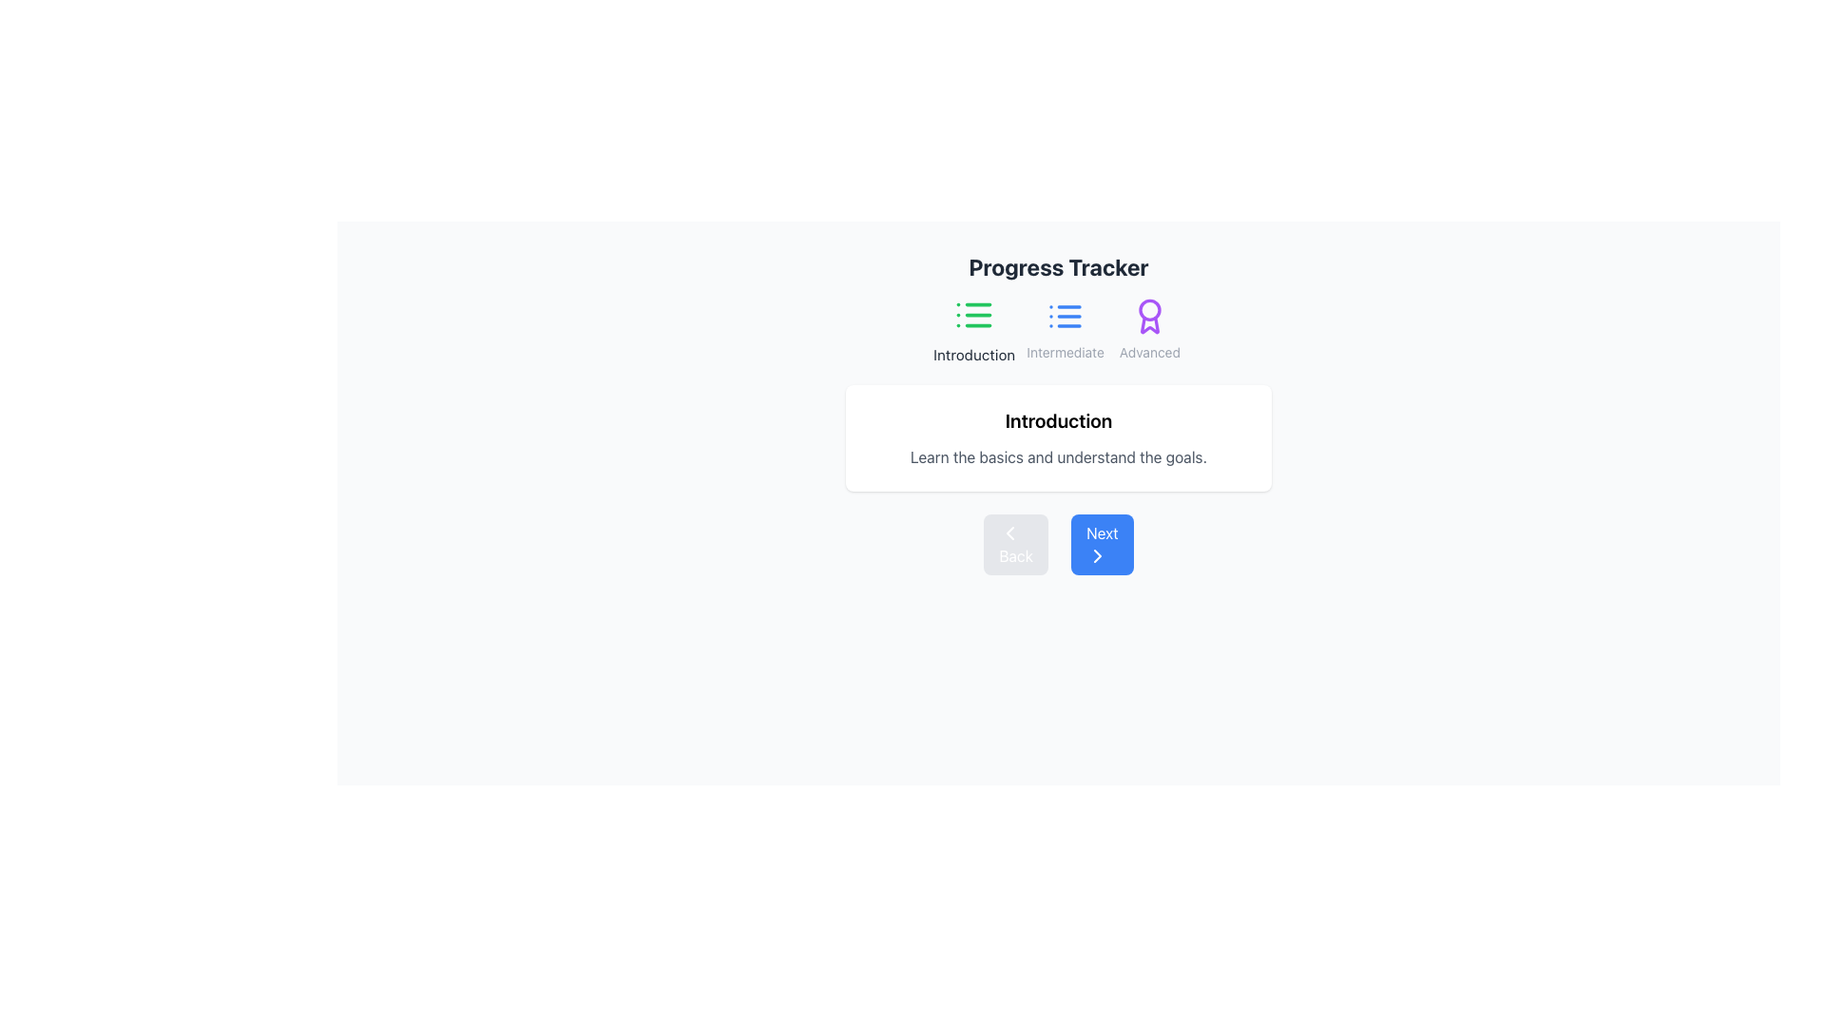 The width and height of the screenshot is (1825, 1027). Describe the element at coordinates (1148, 315) in the screenshot. I see `the vibrant purple circular icon with a ribbon-like design, which is the last icon in a row of three under the 'Advanced' label` at that location.